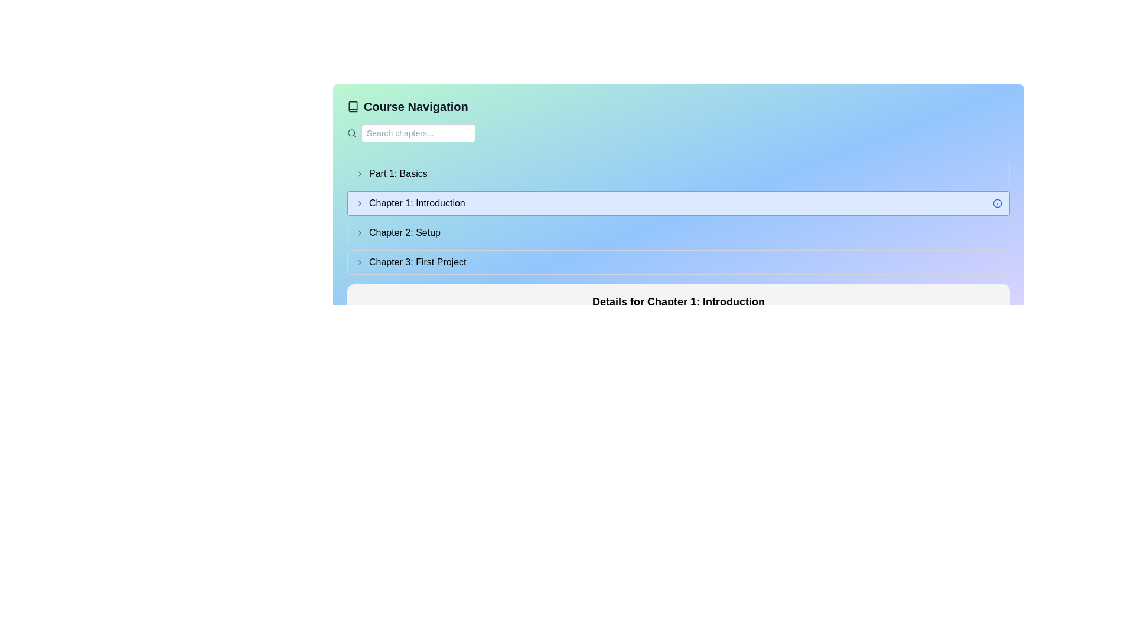 This screenshot has height=637, width=1134. I want to click on text content of the Text label, which serves as a descriptive title for the associated content, positioned above 'Overview and objectives', so click(678, 301).